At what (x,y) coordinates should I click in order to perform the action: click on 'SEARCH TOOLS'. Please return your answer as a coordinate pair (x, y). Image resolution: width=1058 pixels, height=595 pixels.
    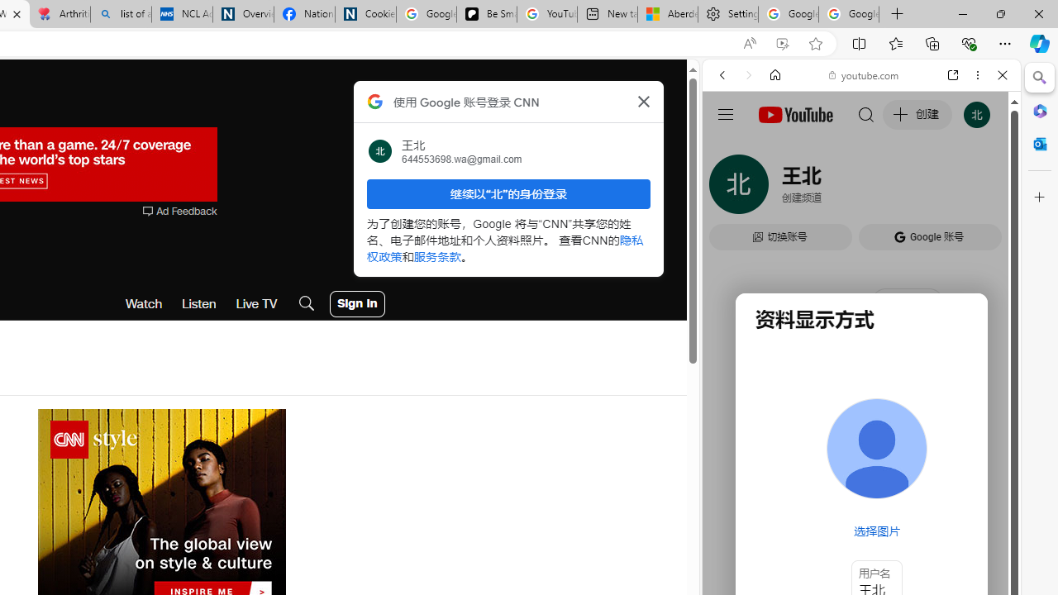
    Looking at the image, I should click on (903, 188).